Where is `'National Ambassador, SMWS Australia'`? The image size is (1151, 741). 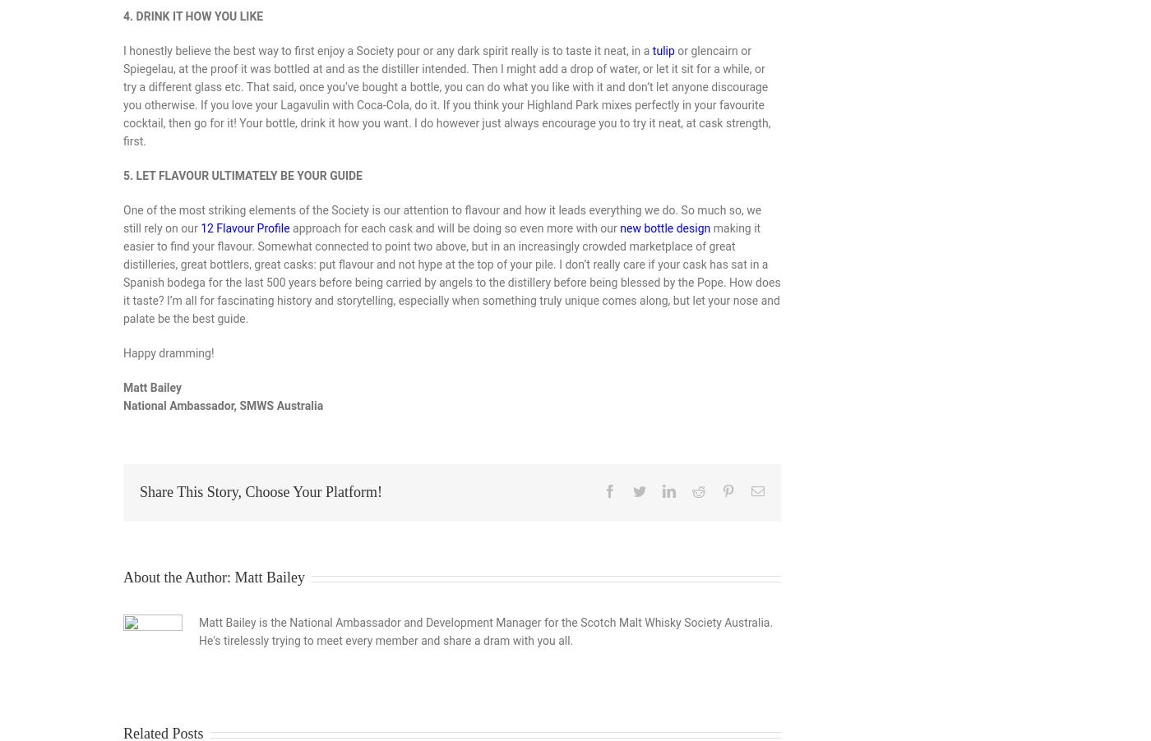 'National Ambassador, SMWS Australia' is located at coordinates (223, 404).